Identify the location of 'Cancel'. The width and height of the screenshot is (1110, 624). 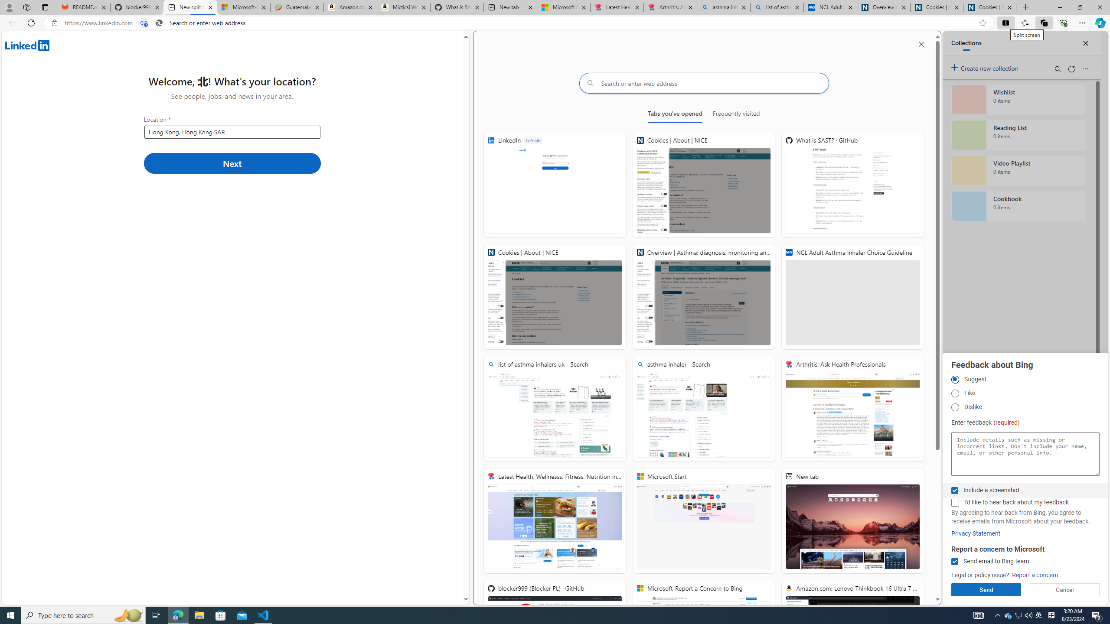
(1064, 589).